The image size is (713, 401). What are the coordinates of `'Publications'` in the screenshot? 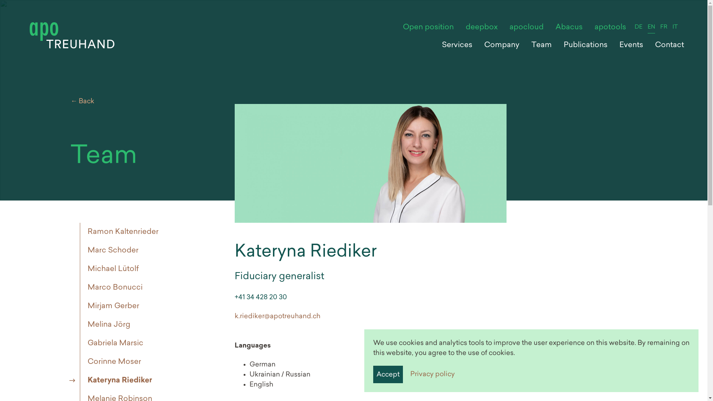 It's located at (558, 45).